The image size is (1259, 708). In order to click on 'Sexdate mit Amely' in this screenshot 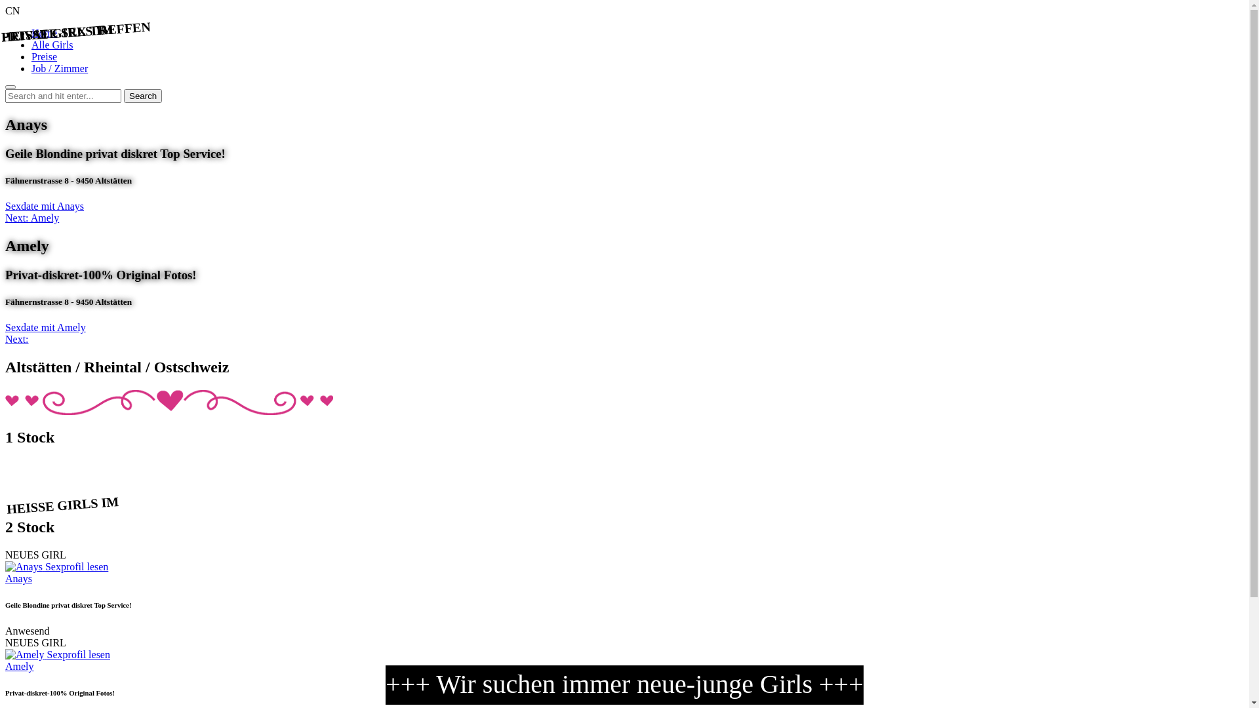, I will do `click(5, 326)`.